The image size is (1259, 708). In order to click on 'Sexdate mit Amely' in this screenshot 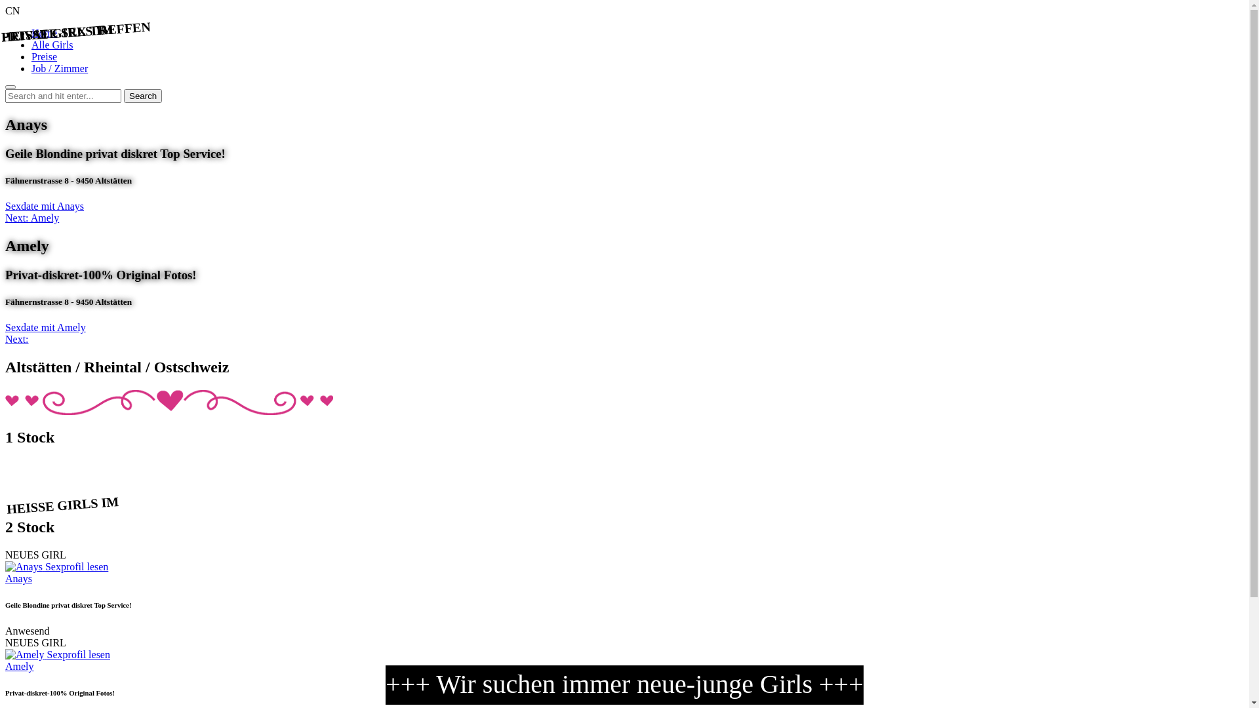, I will do `click(5, 326)`.